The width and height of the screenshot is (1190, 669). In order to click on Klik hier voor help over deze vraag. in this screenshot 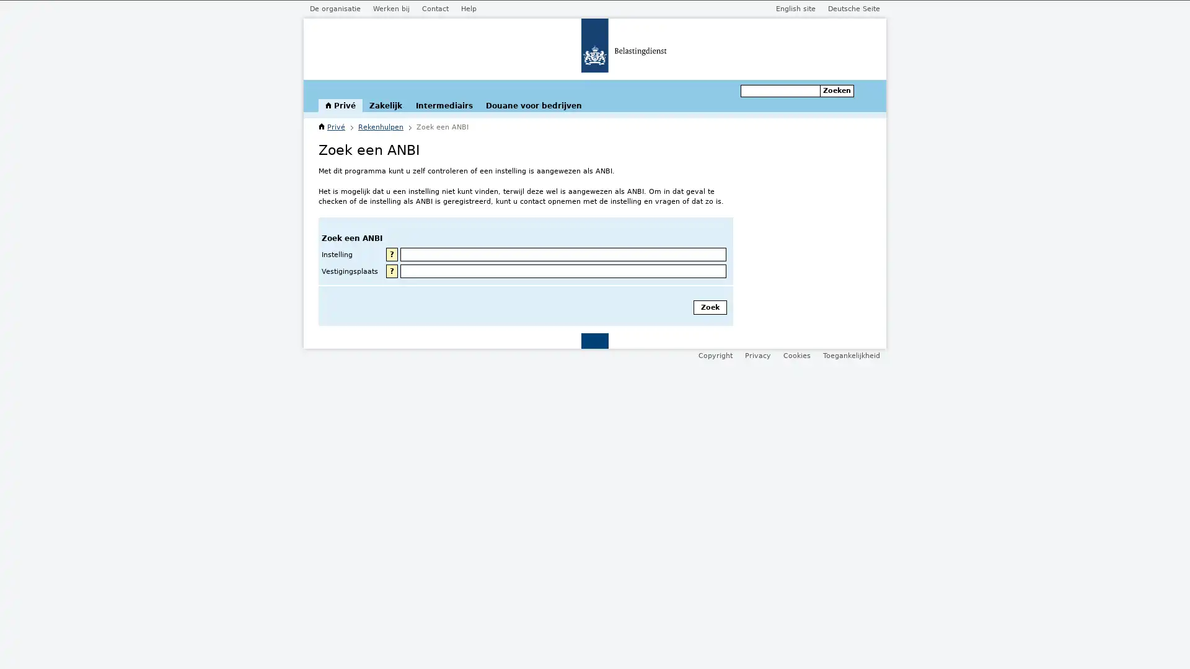, I will do `click(391, 271)`.